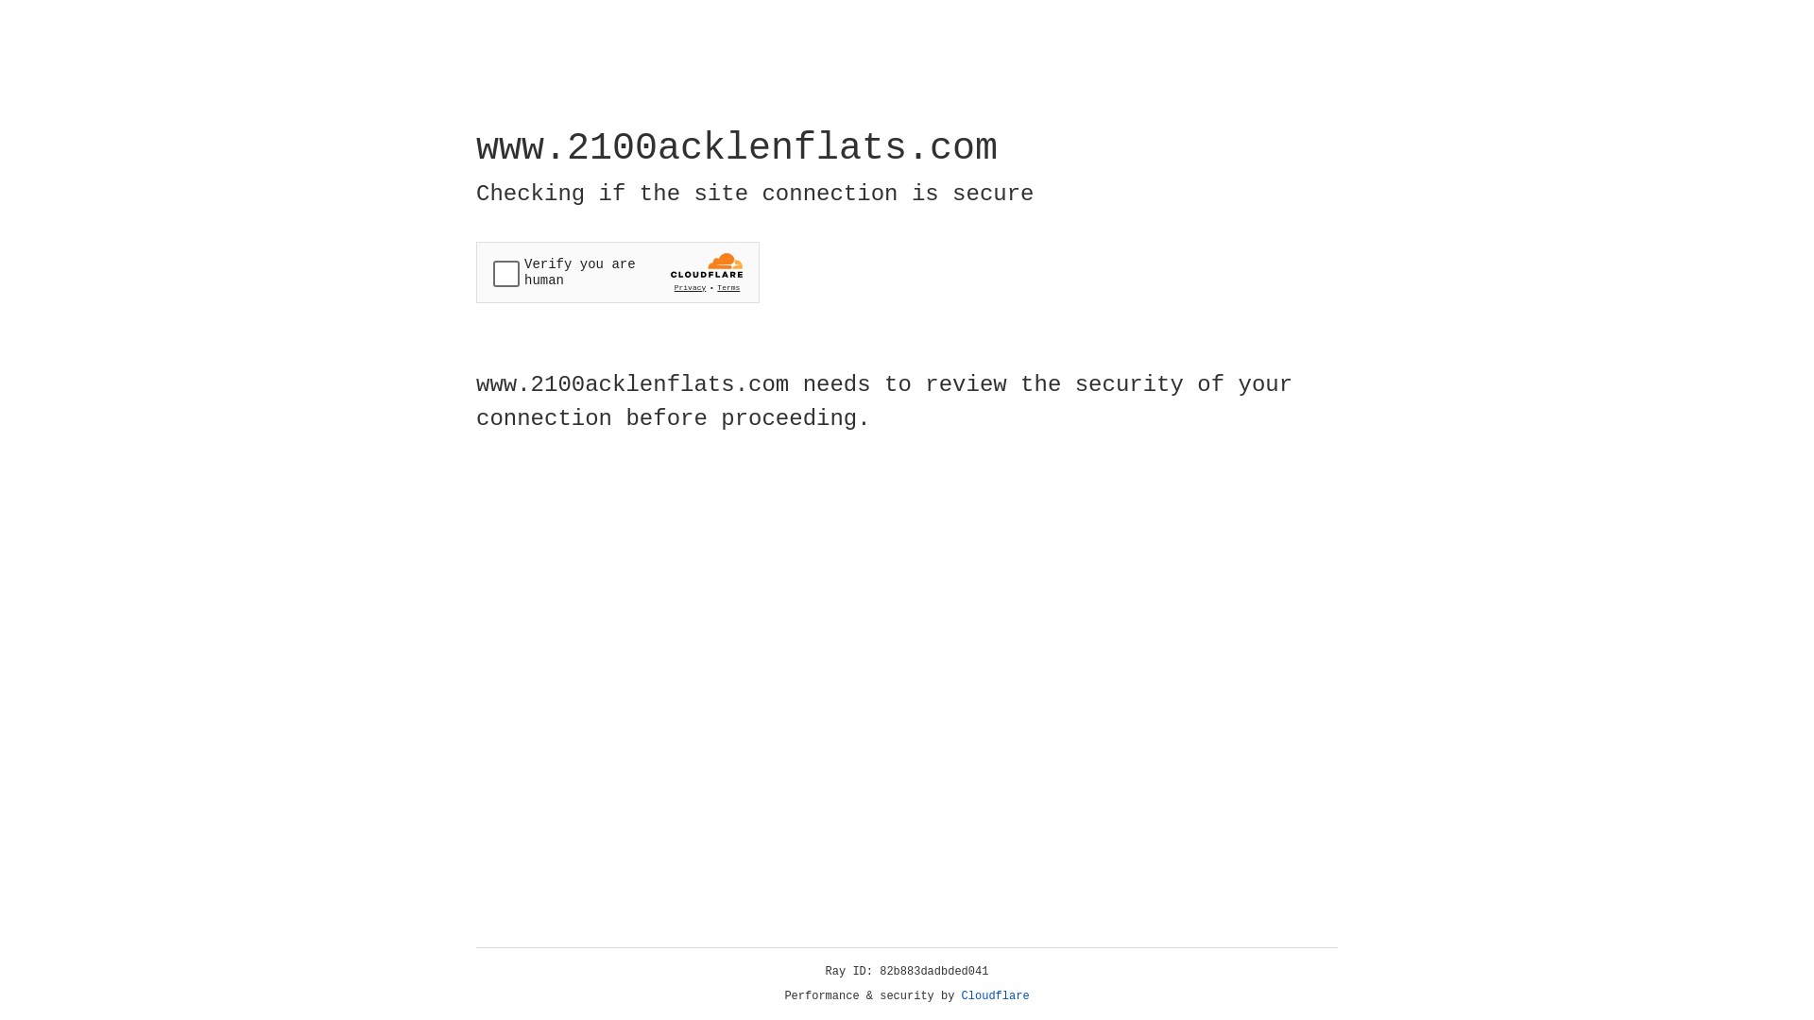  Describe the element at coordinates (995, 995) in the screenshot. I see `'Cloudflare'` at that location.